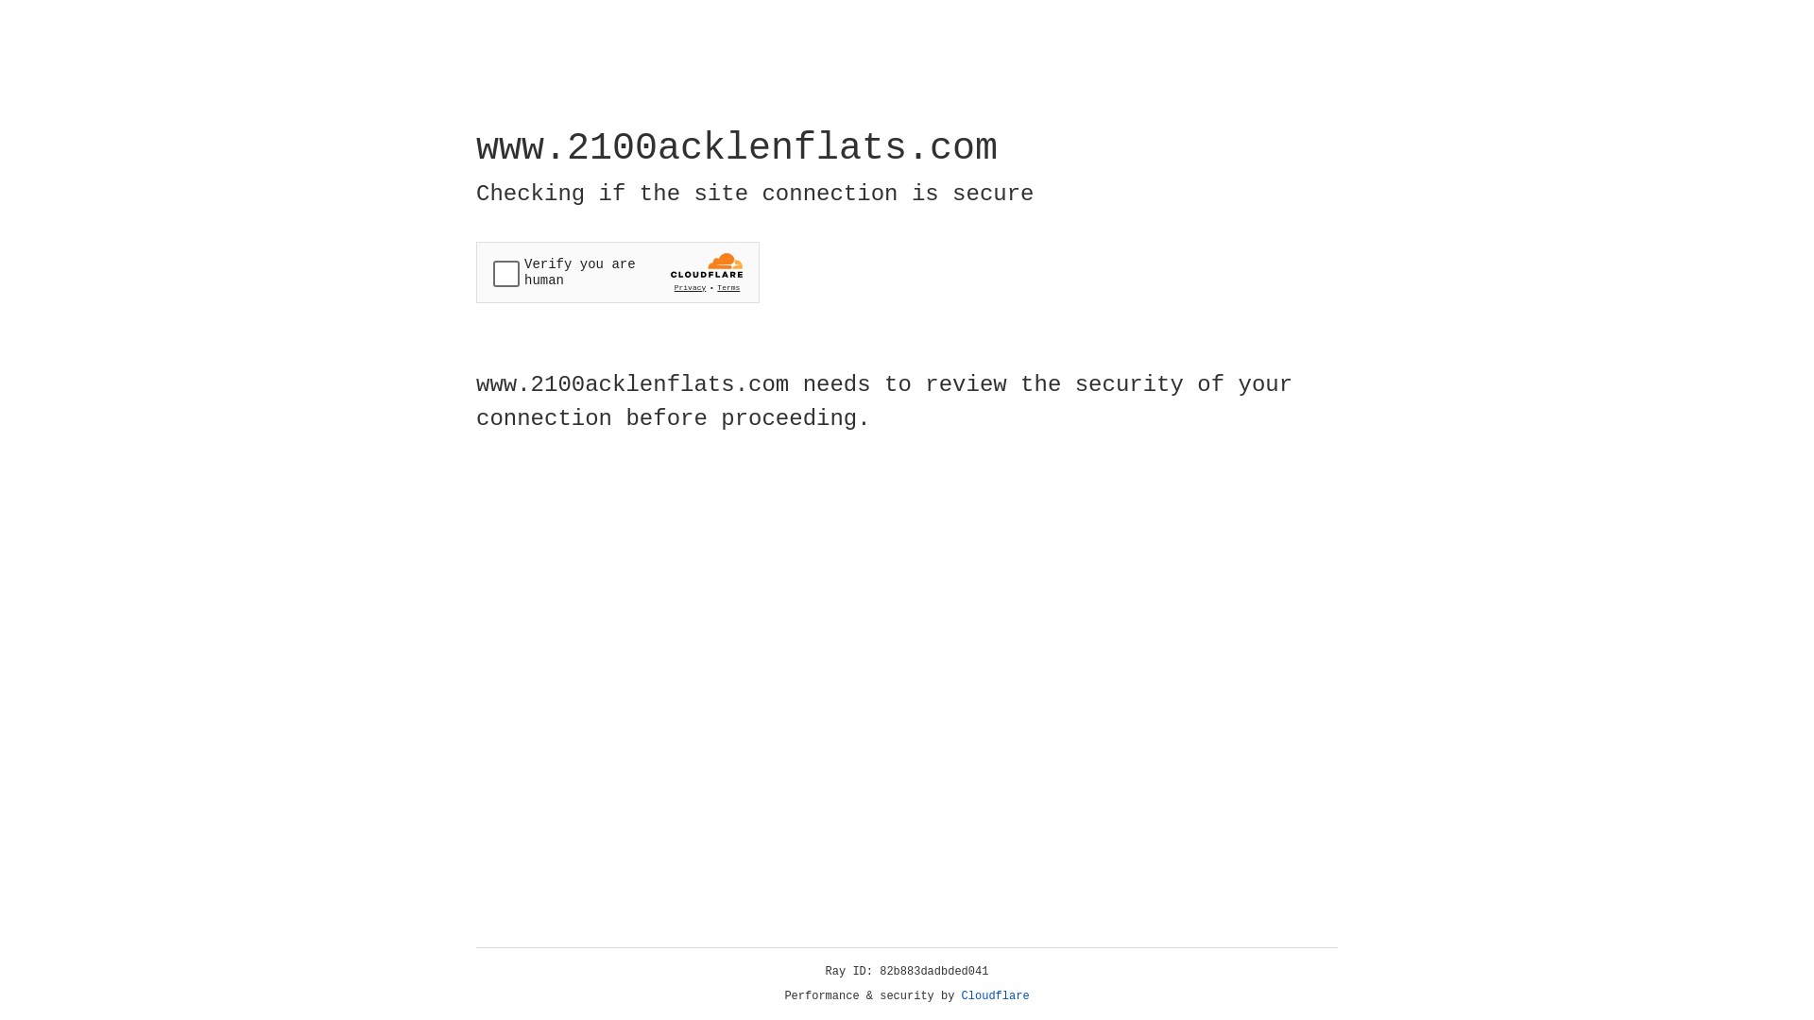  Describe the element at coordinates (995, 995) in the screenshot. I see `'Cloudflare'` at that location.